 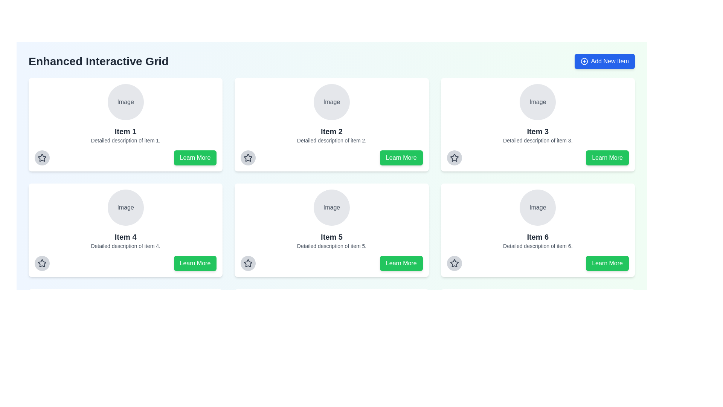 I want to click on the text label element displaying 'Item 4', located beneath the image and above the detailed description in the fourth card of the grid layout, so click(x=125, y=236).